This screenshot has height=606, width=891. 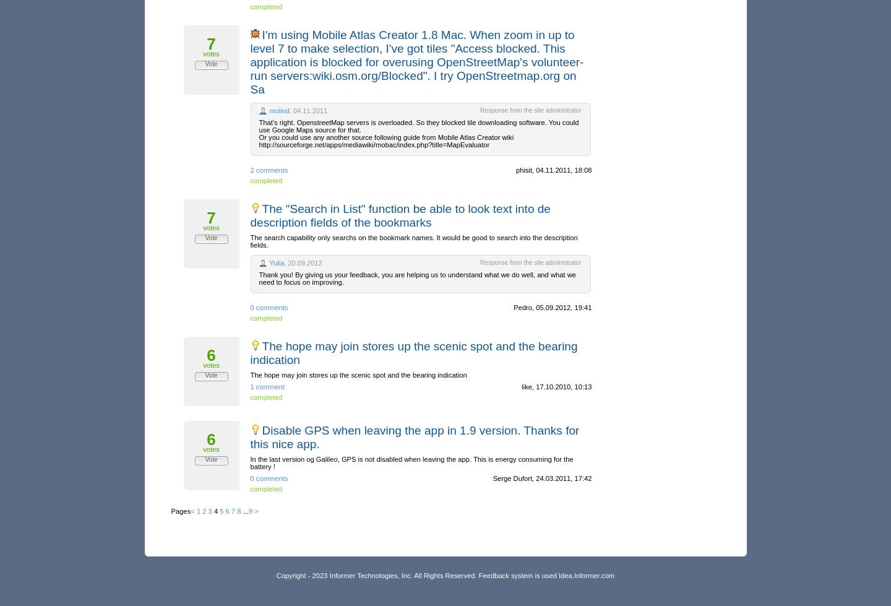 What do you see at coordinates (267, 386) in the screenshot?
I see `'1 comment'` at bounding box center [267, 386].